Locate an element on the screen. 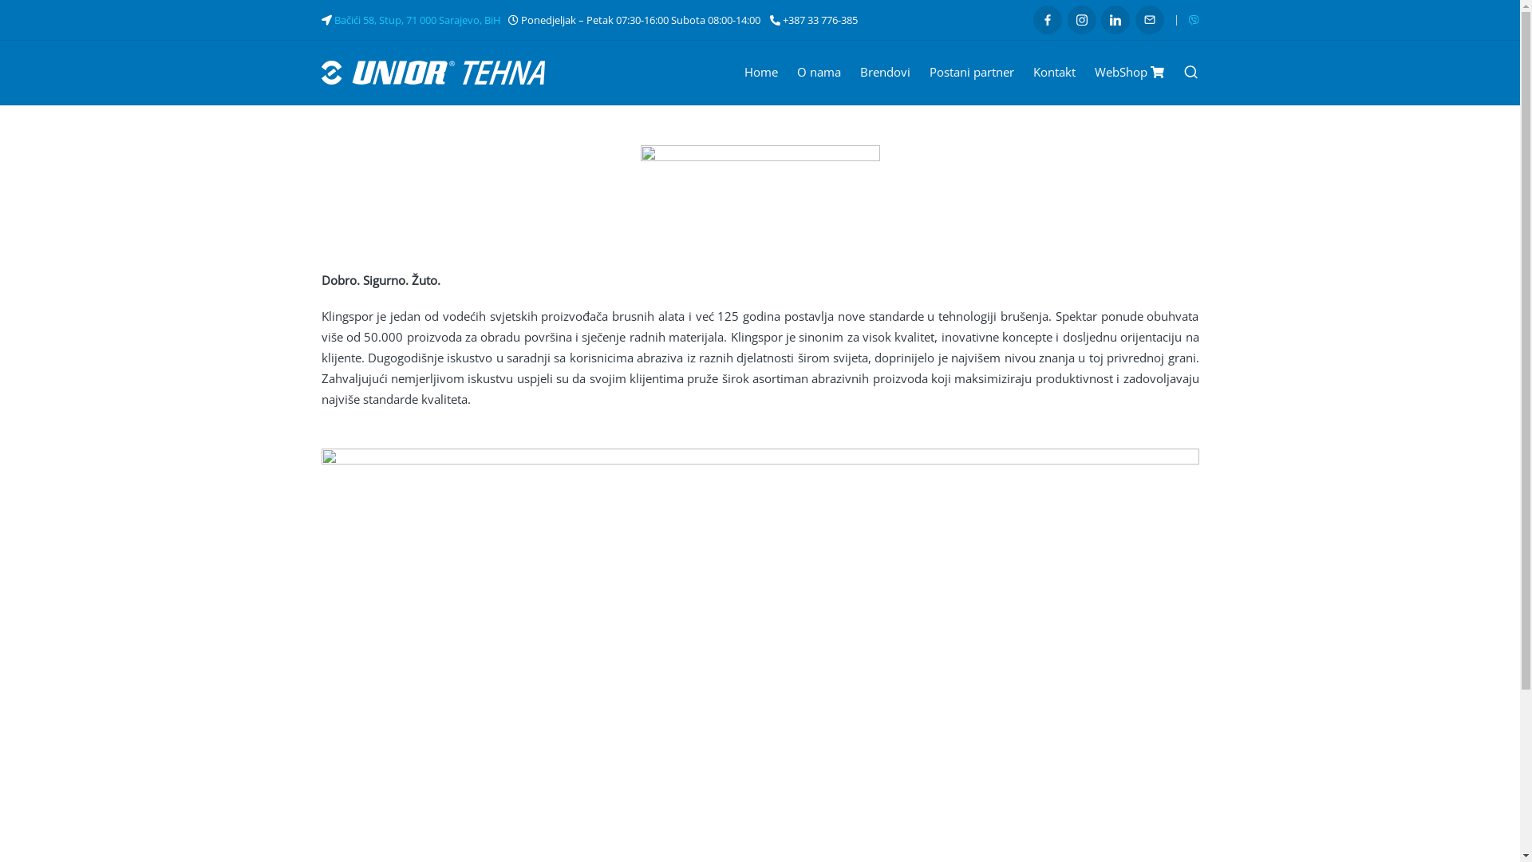 Image resolution: width=1532 pixels, height=862 pixels. 'Home' is located at coordinates (760, 73).